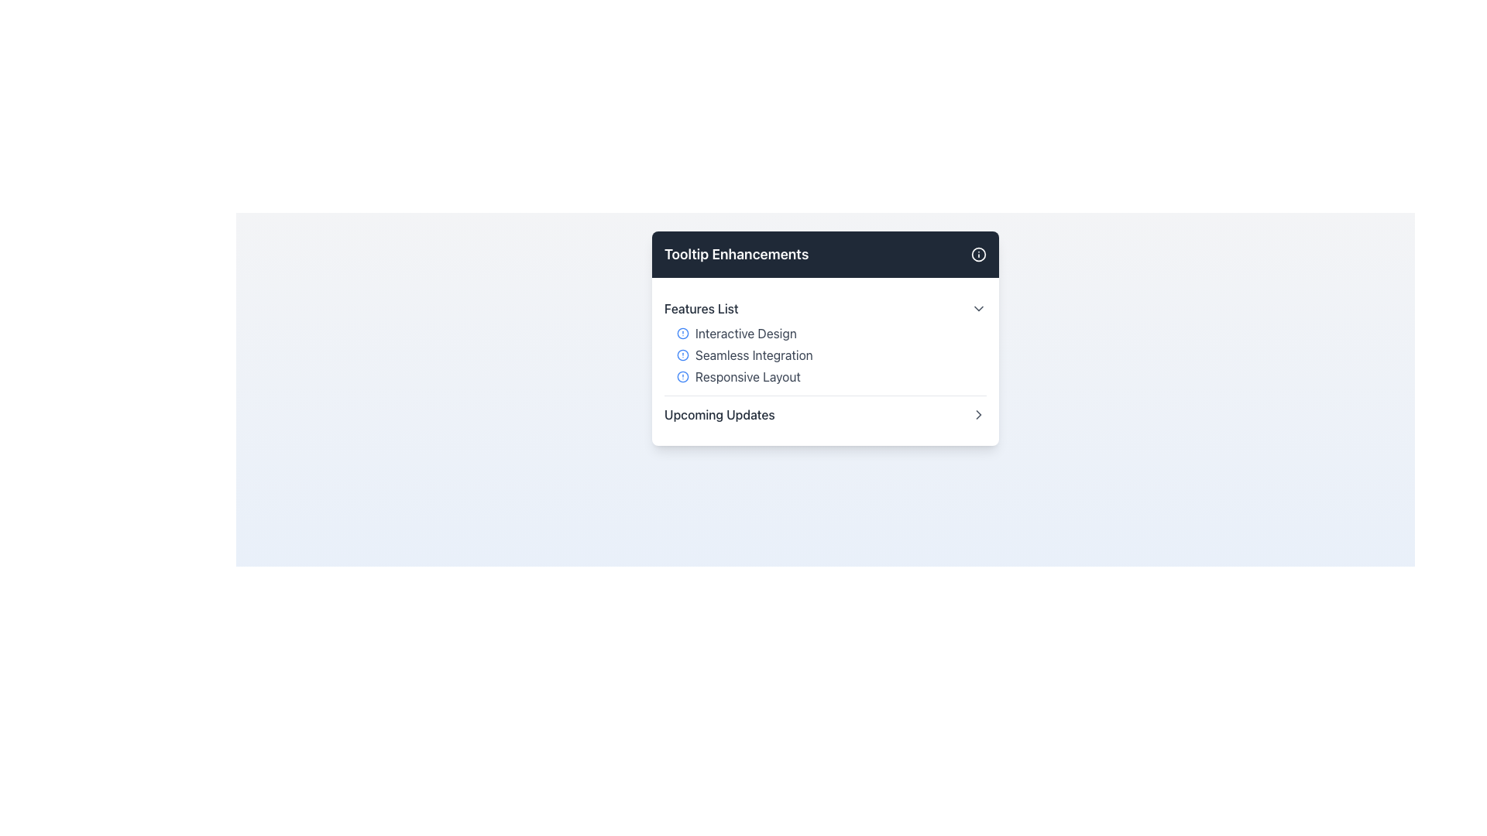 This screenshot has height=836, width=1487. I want to click on the alert icon associated with the 'Seamless Integration' feature, located to the left of the text in the feature list, so click(682, 355).